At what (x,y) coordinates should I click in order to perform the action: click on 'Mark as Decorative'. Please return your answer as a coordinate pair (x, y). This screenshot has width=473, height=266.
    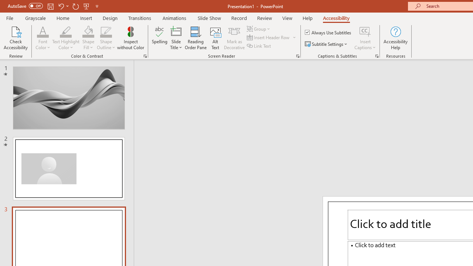
    Looking at the image, I should click on (234, 38).